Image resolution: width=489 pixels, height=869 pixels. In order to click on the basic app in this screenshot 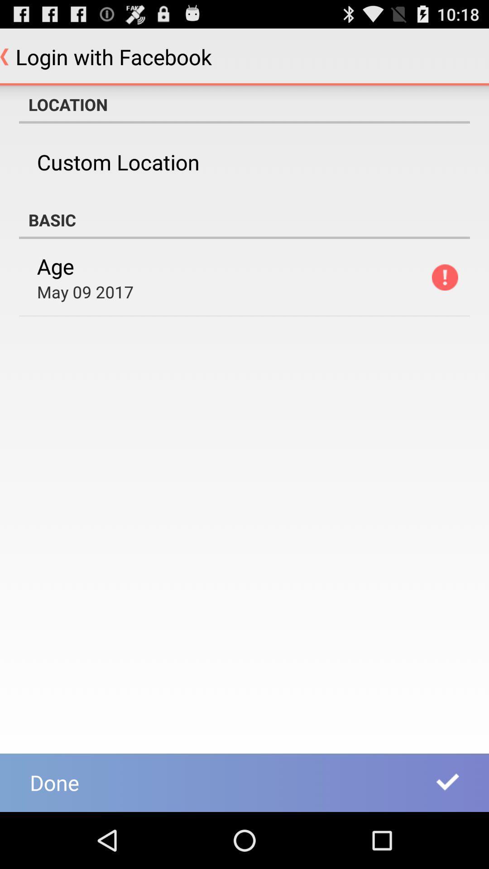, I will do `click(244, 220)`.